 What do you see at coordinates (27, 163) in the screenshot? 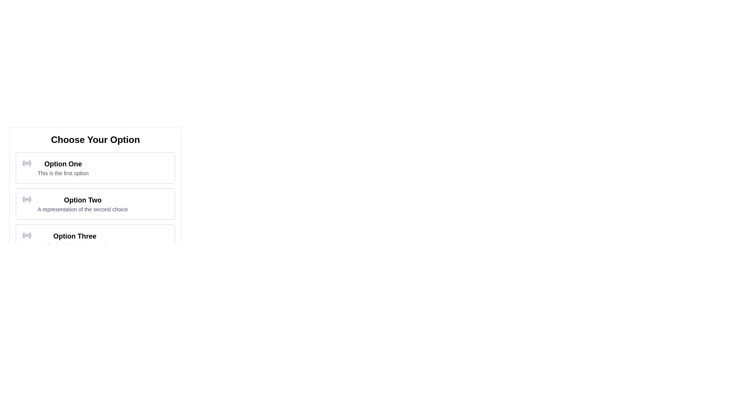
I see `the radio button icon located within the 'Option One' box, which is styled as a circular element with concentric circles and a central dot indicating selection` at bounding box center [27, 163].